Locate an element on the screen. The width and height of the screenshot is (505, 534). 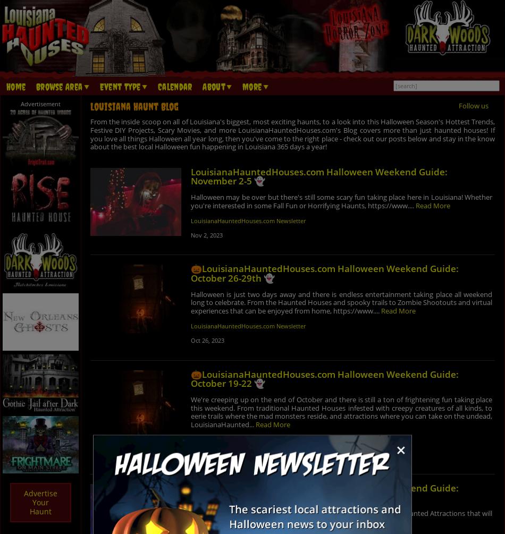
'LouisianaHauntedHouses.com Halloween Weekend Guide: November 2-5 👻' is located at coordinates (318, 175).